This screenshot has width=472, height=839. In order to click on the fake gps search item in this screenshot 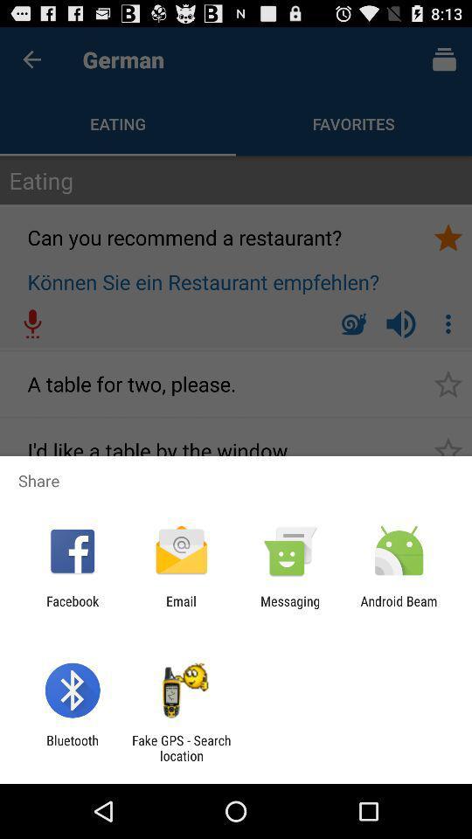, I will do `click(180, 747)`.